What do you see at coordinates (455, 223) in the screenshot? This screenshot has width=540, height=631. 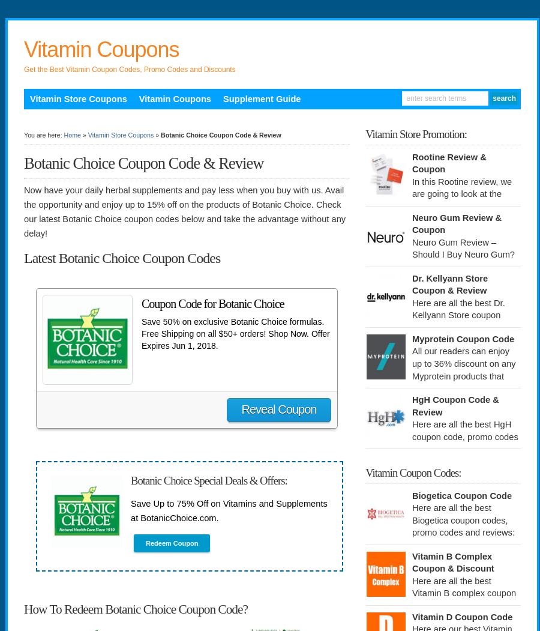 I see `'Neuro Gum Review & Coupon'` at bounding box center [455, 223].